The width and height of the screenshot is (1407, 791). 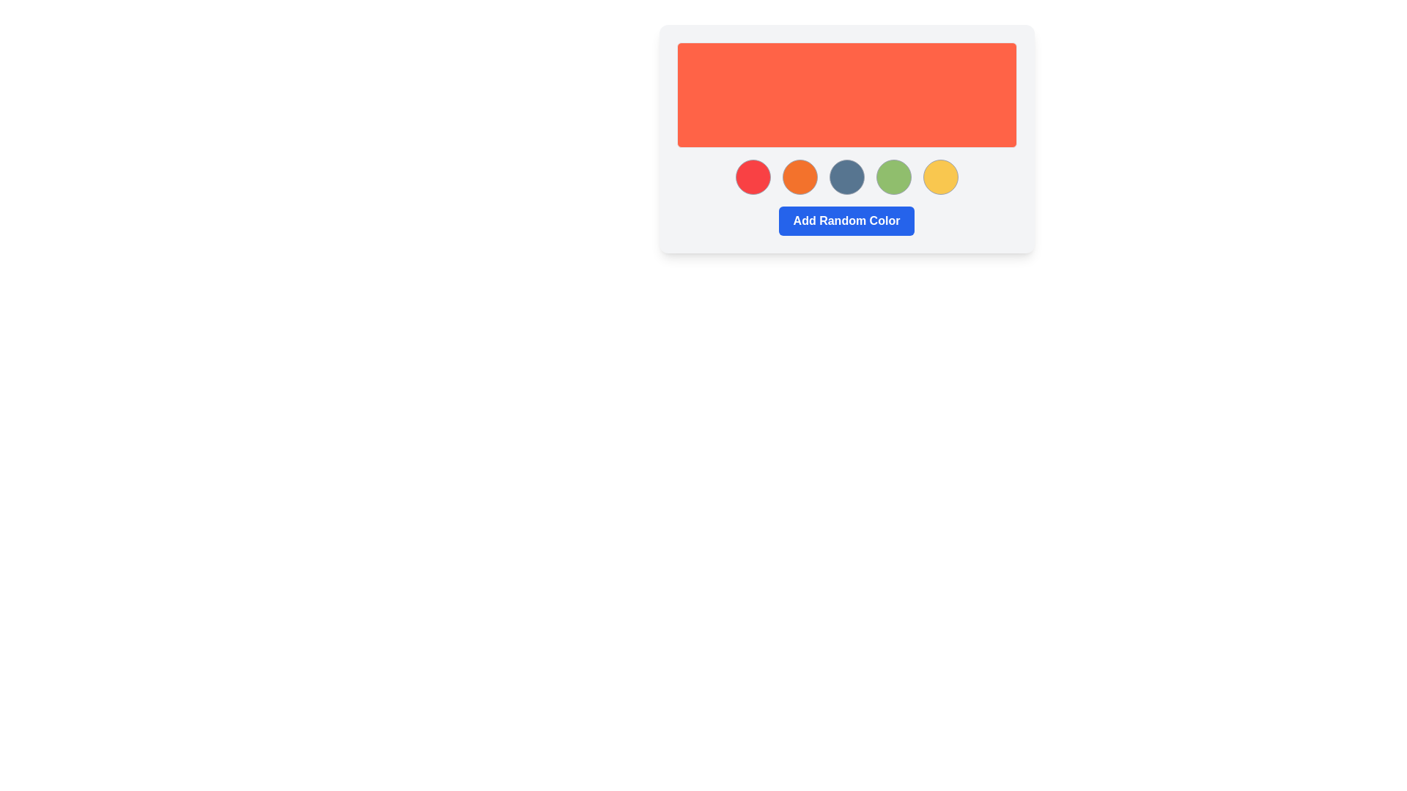 I want to click on the second circular button from the left in a horizontal set of five, which has an orange fill color and a gray border, so click(x=799, y=177).